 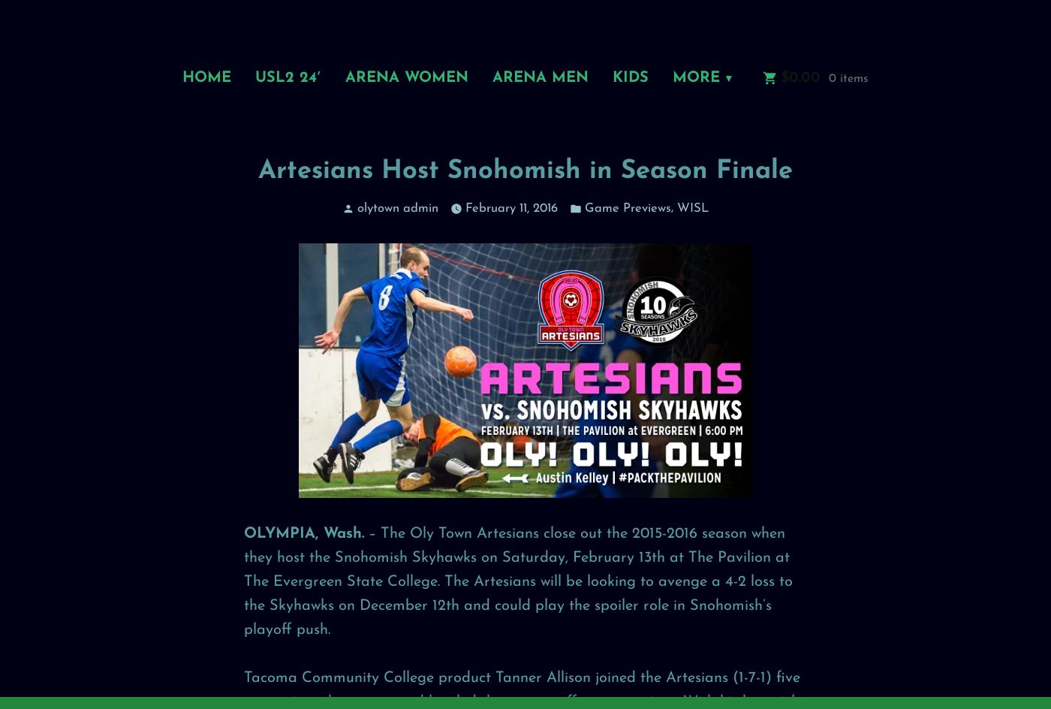 I want to click on 'olytown admin', so click(x=398, y=207).